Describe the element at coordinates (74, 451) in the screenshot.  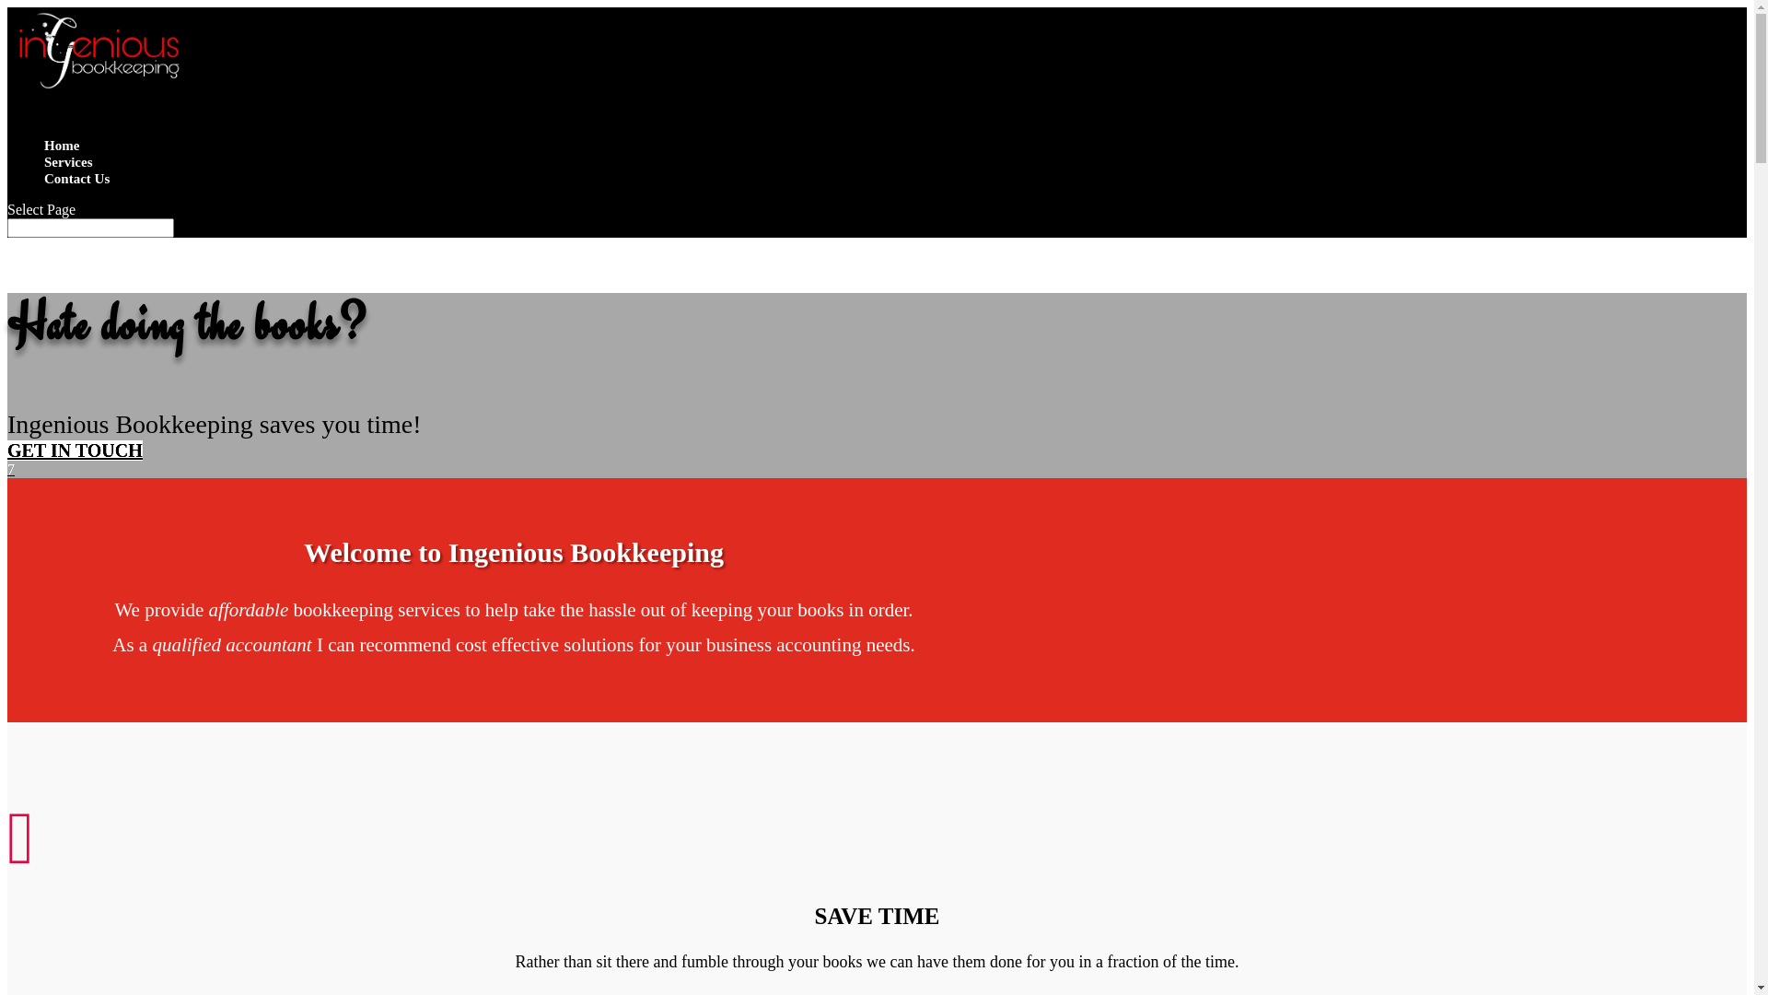
I see `'GET IN TOUCH'` at that location.